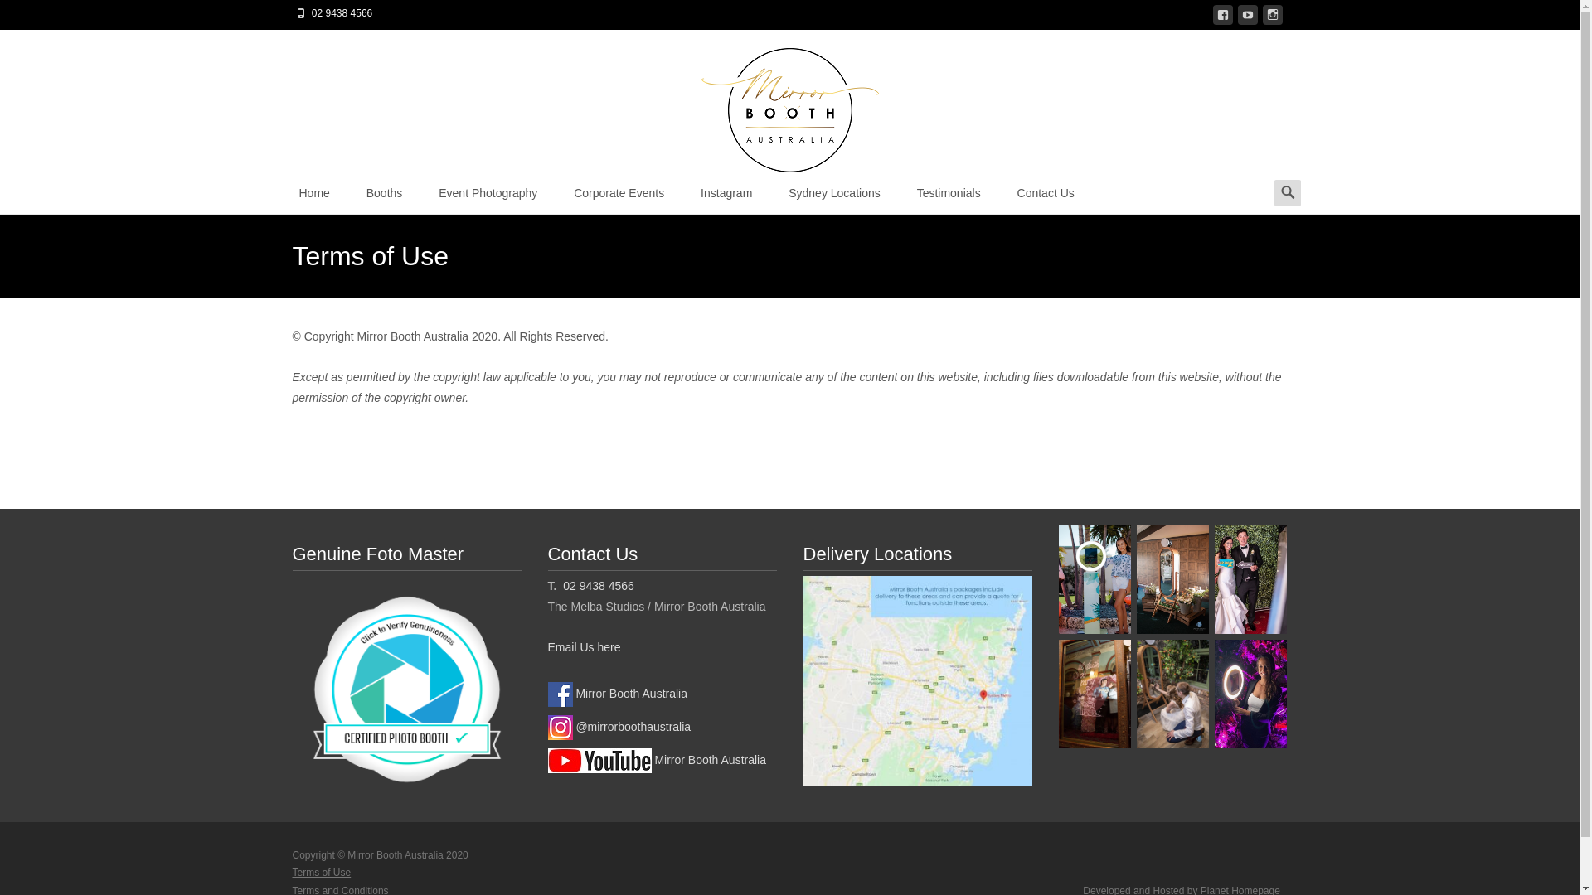  What do you see at coordinates (321, 872) in the screenshot?
I see `'Terms of Use'` at bounding box center [321, 872].